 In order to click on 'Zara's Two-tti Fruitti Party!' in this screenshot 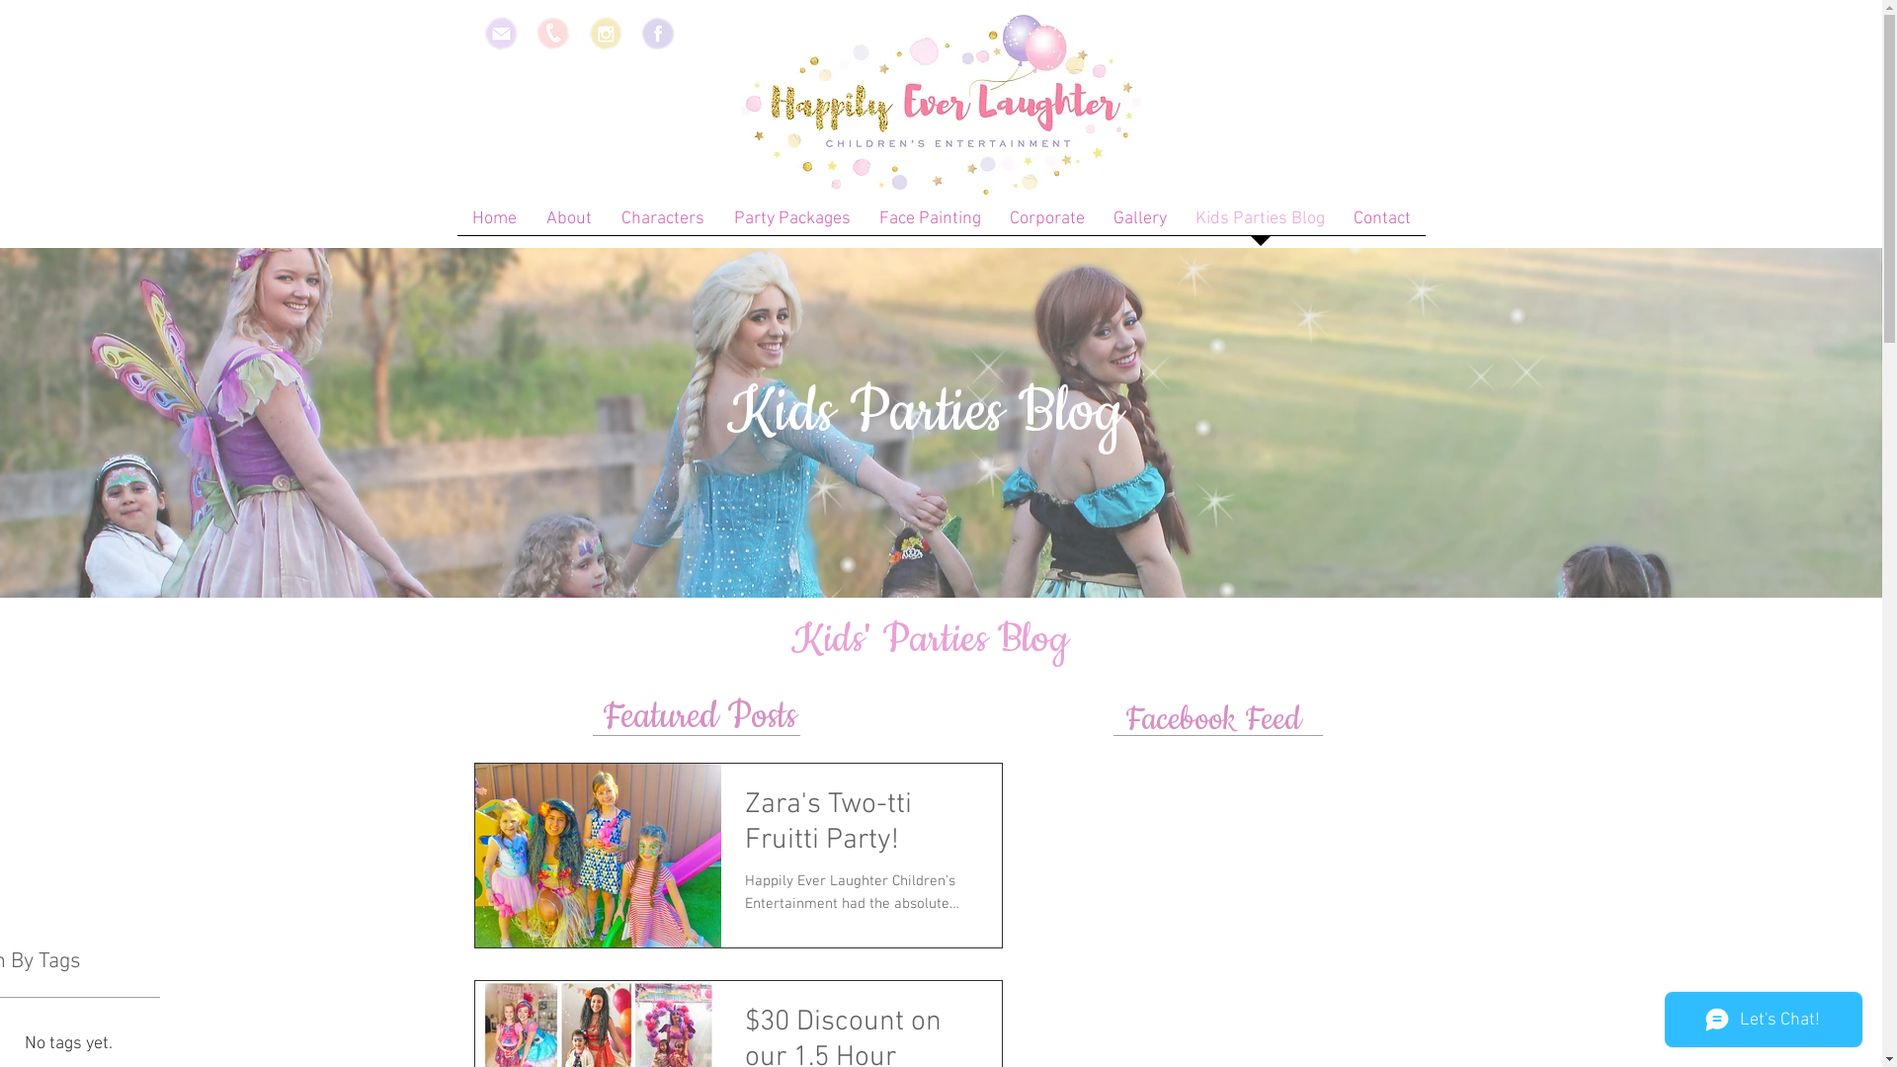, I will do `click(862, 829)`.